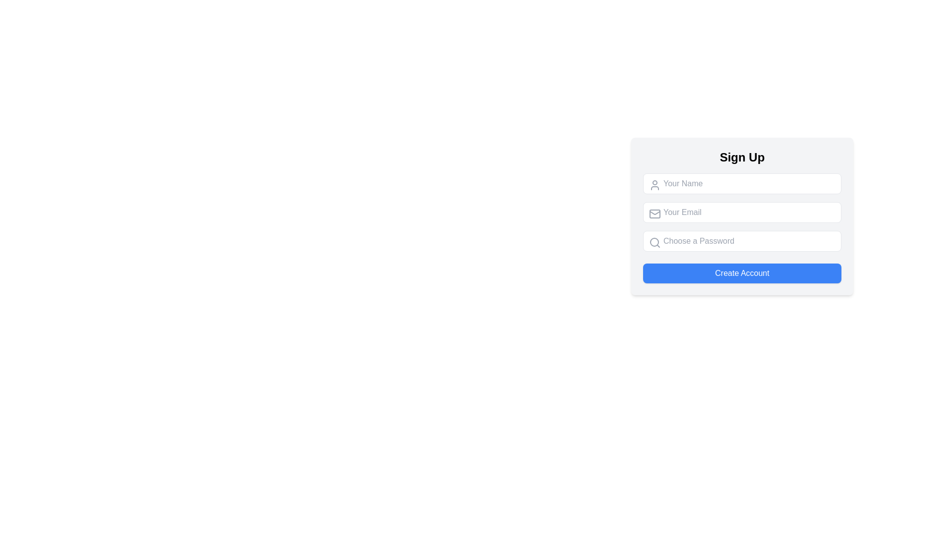 This screenshot has width=952, height=535. Describe the element at coordinates (654, 185) in the screenshot. I see `the icon that visually indicates the purpose of the 'Your Name' input field in the sign-up form` at that location.